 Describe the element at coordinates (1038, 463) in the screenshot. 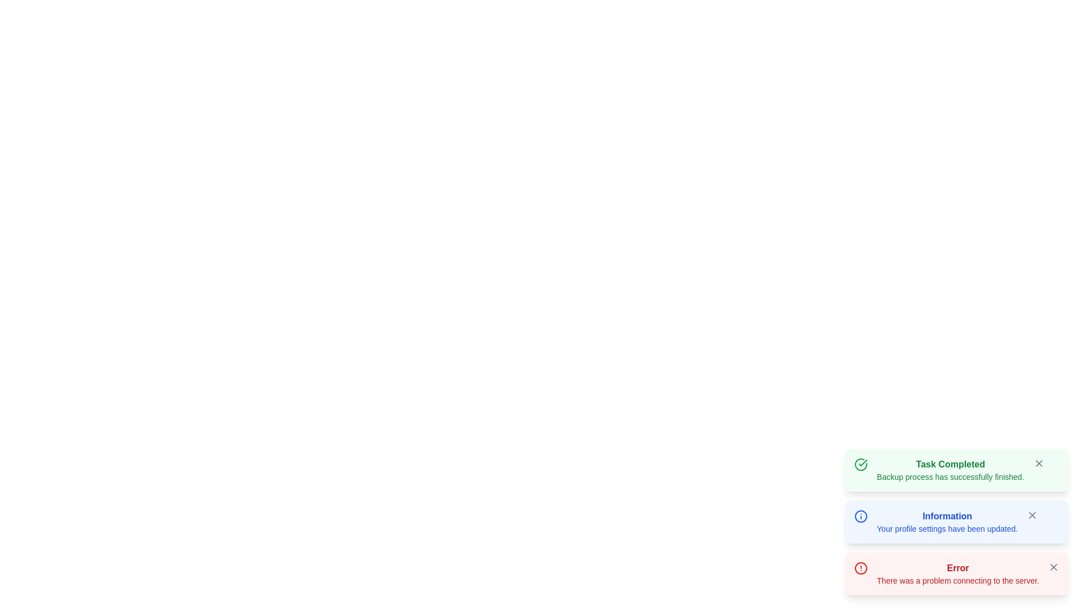

I see `the close button located at the top-right corner of the green notification card` at that location.